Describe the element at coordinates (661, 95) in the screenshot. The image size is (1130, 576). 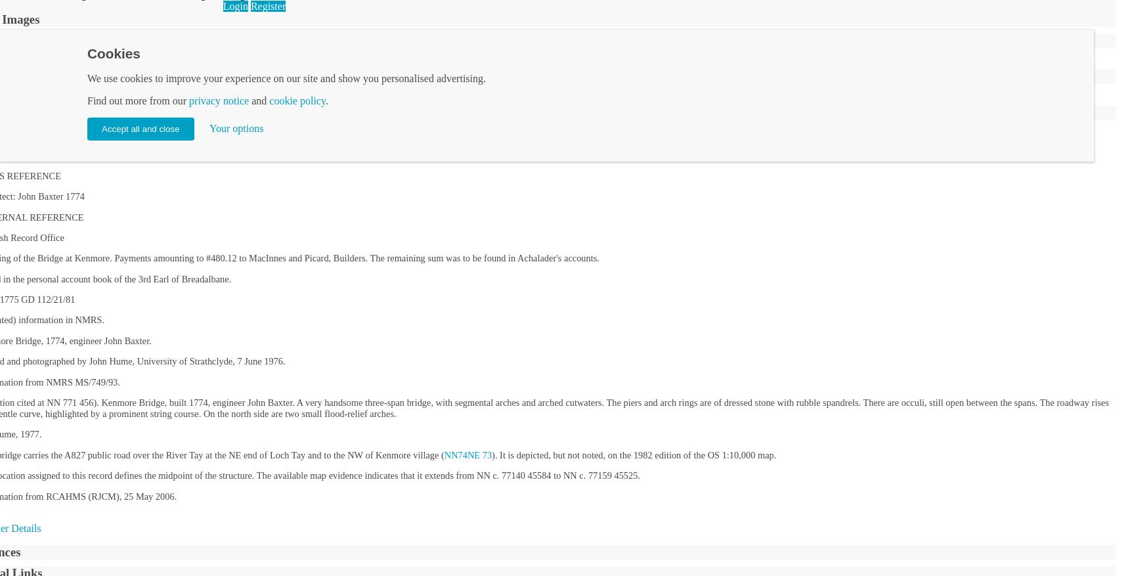
I see `'Perthshire'` at that location.